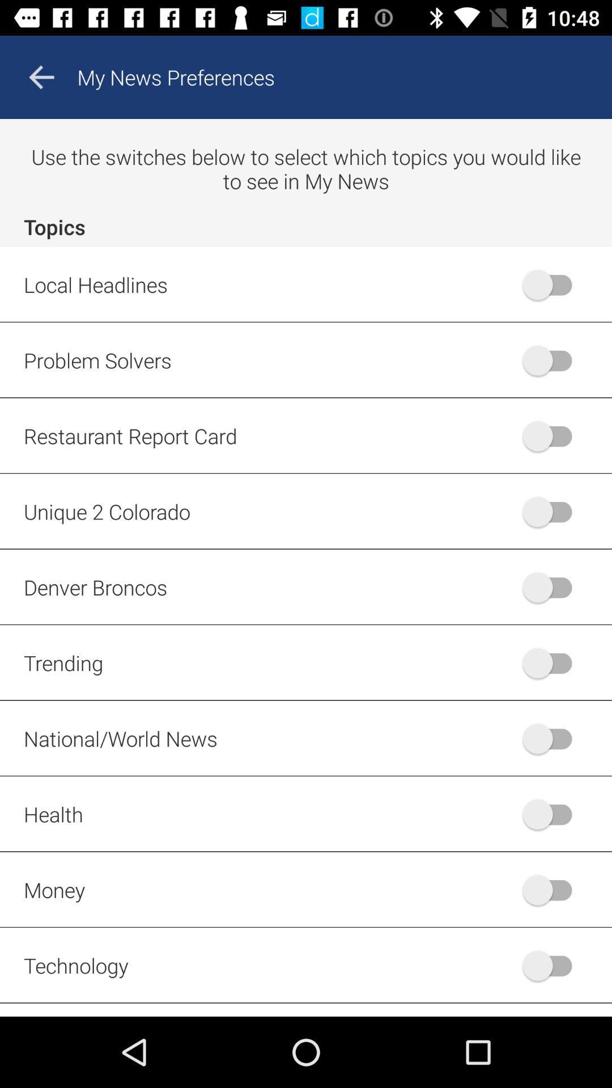  Describe the element at coordinates (552, 587) in the screenshot. I see `the button right to denver broncos` at that location.